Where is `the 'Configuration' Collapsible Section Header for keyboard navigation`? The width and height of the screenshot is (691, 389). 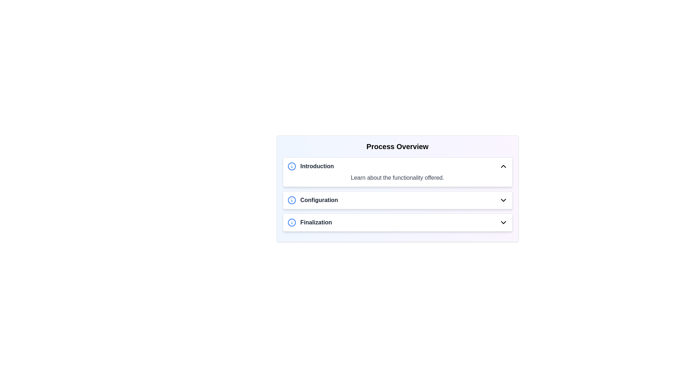
the 'Configuration' Collapsible Section Header for keyboard navigation is located at coordinates (397, 200).